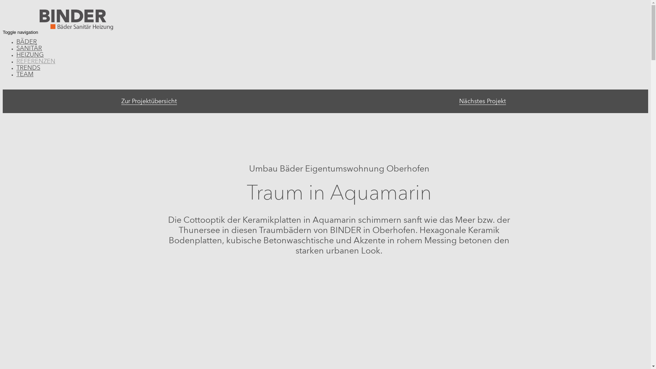 This screenshot has width=656, height=369. What do you see at coordinates (20, 32) in the screenshot?
I see `'Toggle navigation'` at bounding box center [20, 32].